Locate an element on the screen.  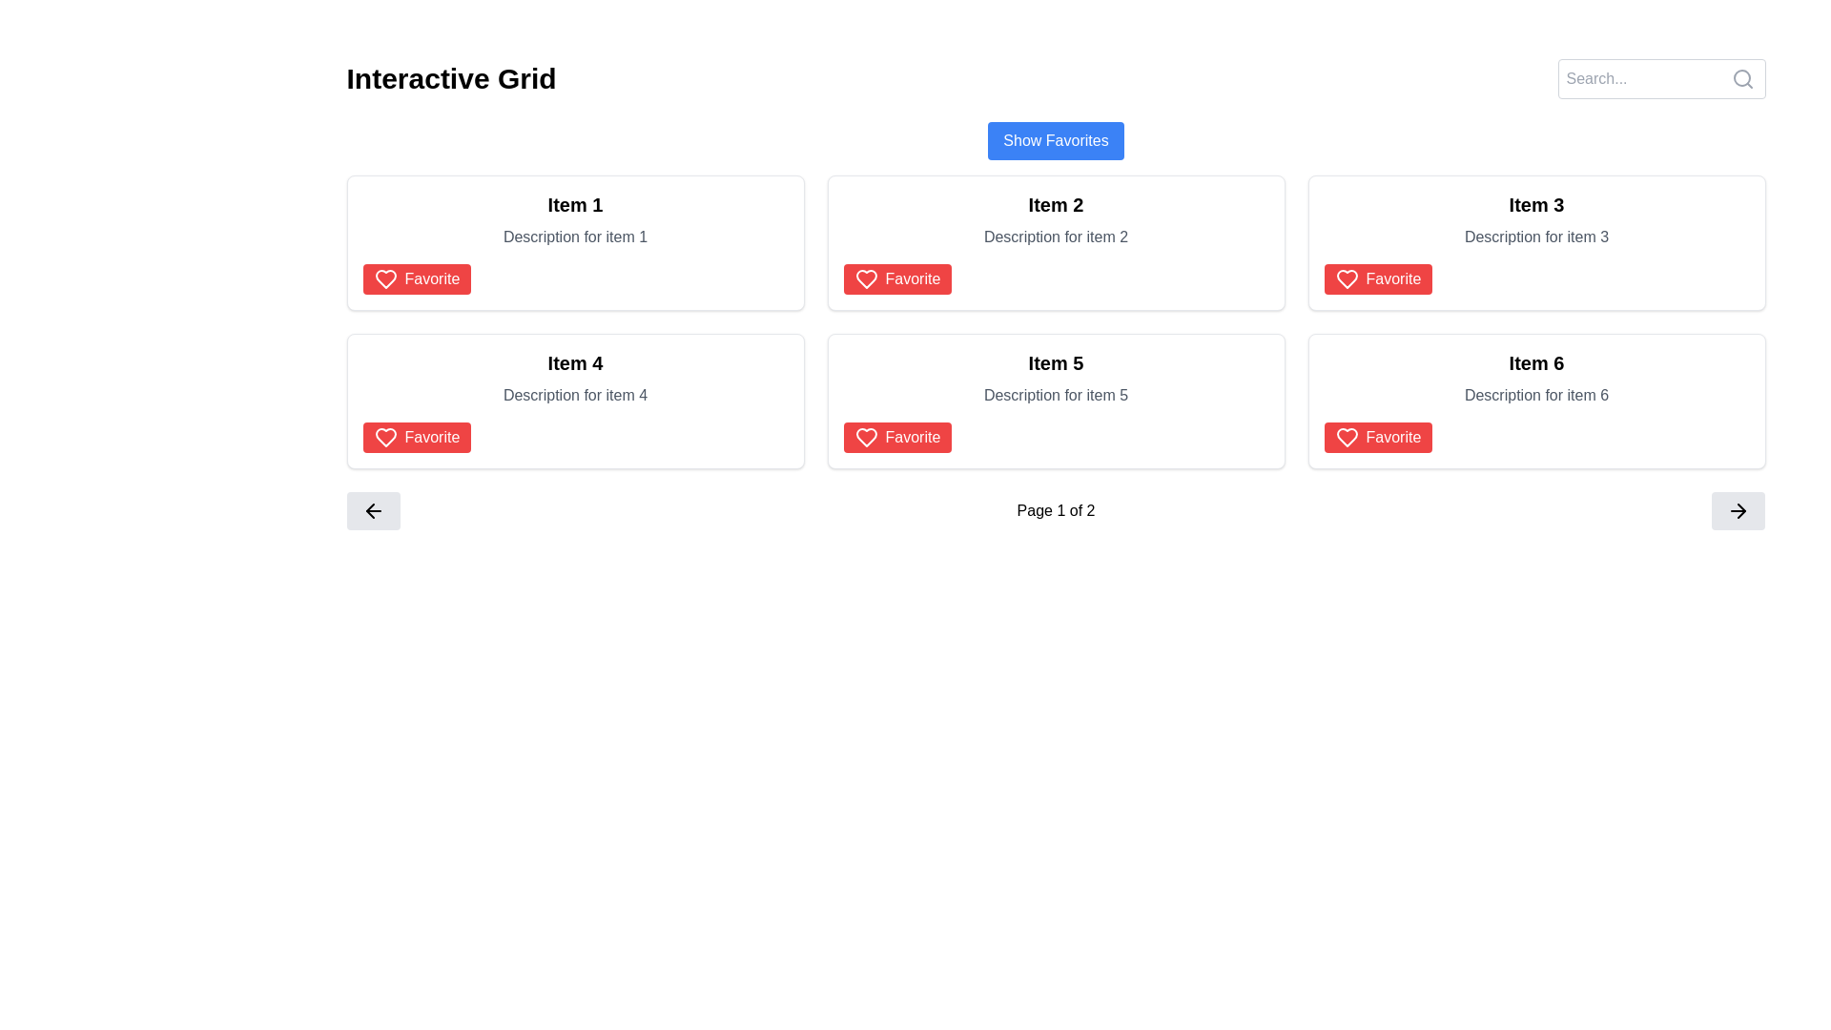
the favorite button for Item 6, located in the lower section of the card is located at coordinates (1378, 438).